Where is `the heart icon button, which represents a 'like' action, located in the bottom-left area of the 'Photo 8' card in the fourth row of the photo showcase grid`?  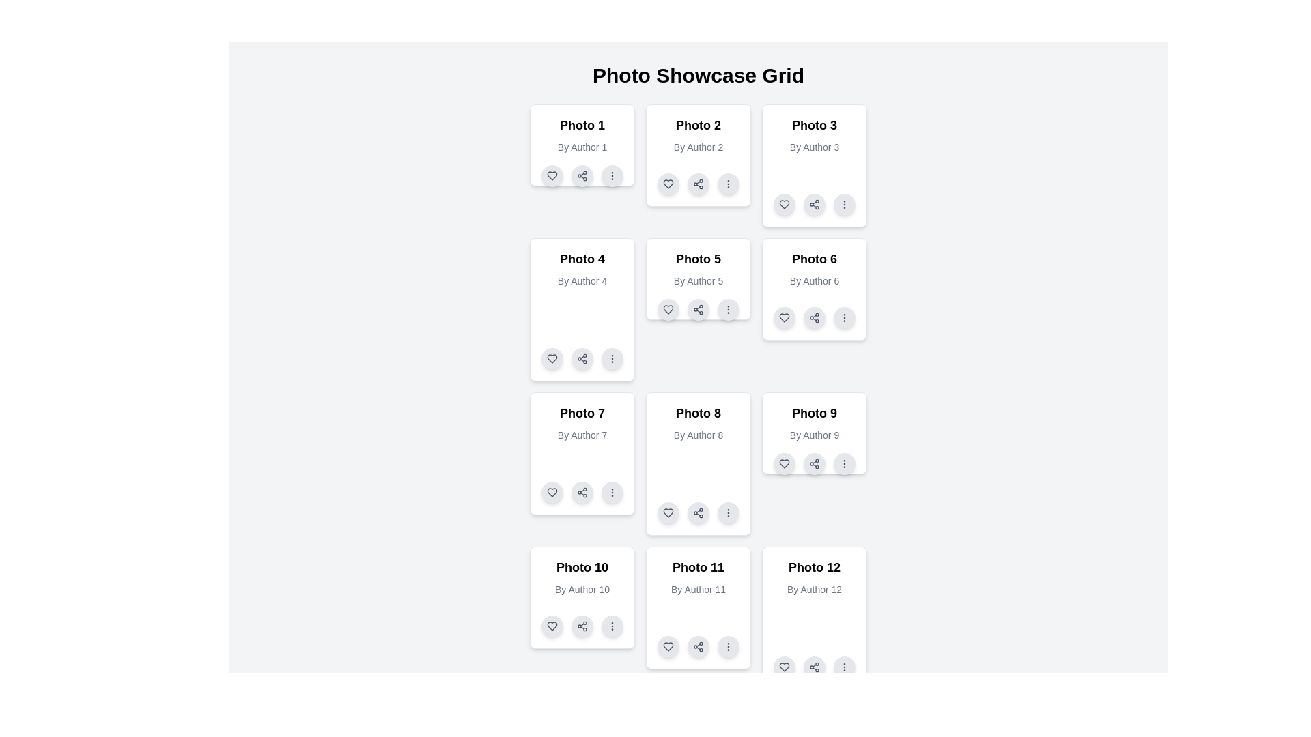 the heart icon button, which represents a 'like' action, located in the bottom-left area of the 'Photo 8' card in the fourth row of the photo showcase grid is located at coordinates (668, 513).